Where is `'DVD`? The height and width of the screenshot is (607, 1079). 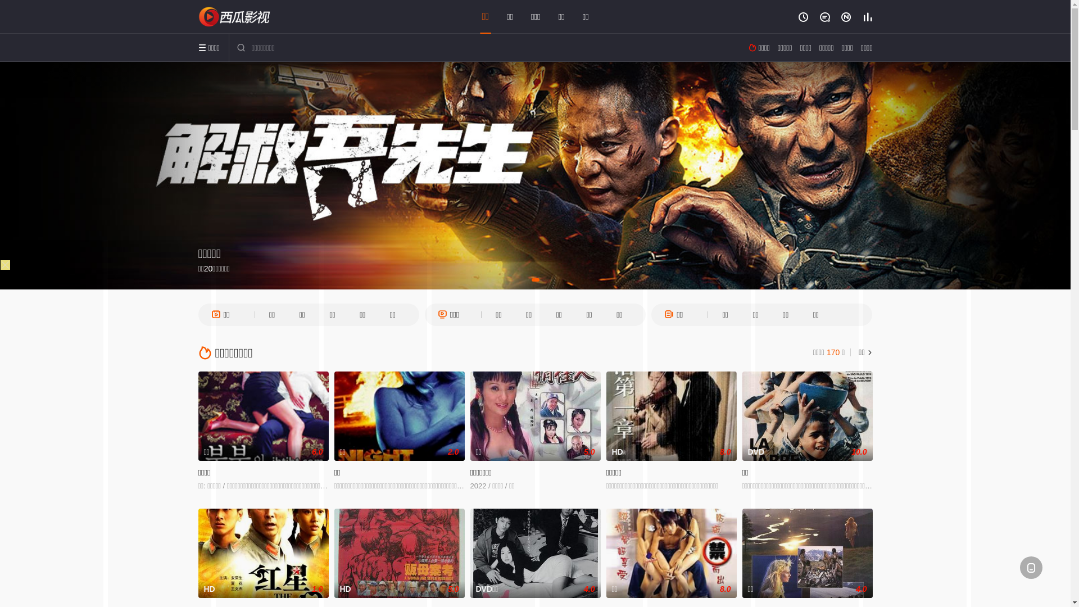 'DVD is located at coordinates (806, 416).